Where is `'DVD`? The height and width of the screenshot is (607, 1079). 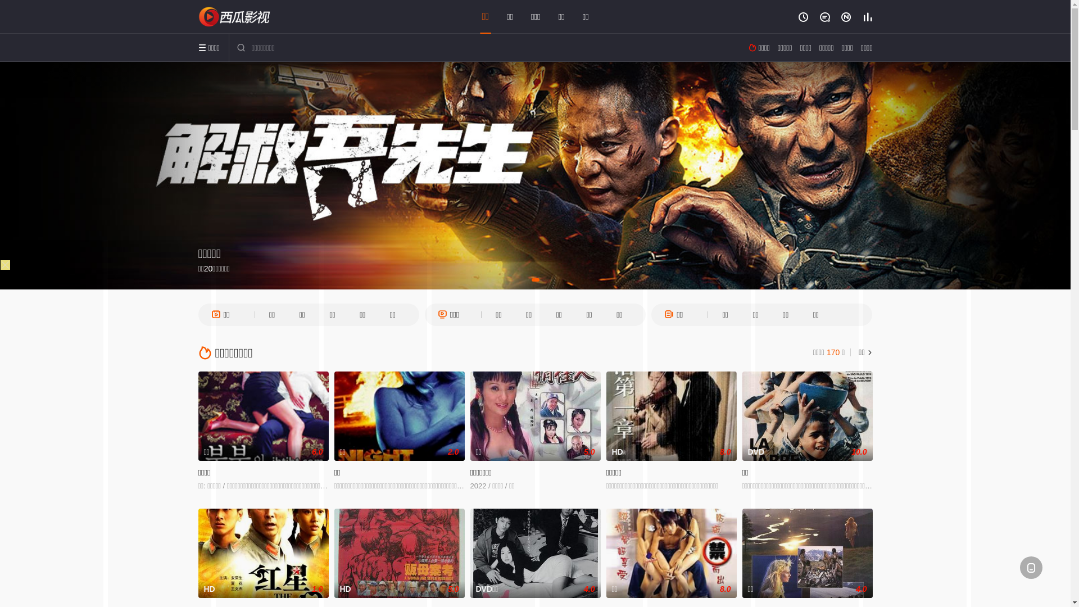 'DVD is located at coordinates (806, 416).